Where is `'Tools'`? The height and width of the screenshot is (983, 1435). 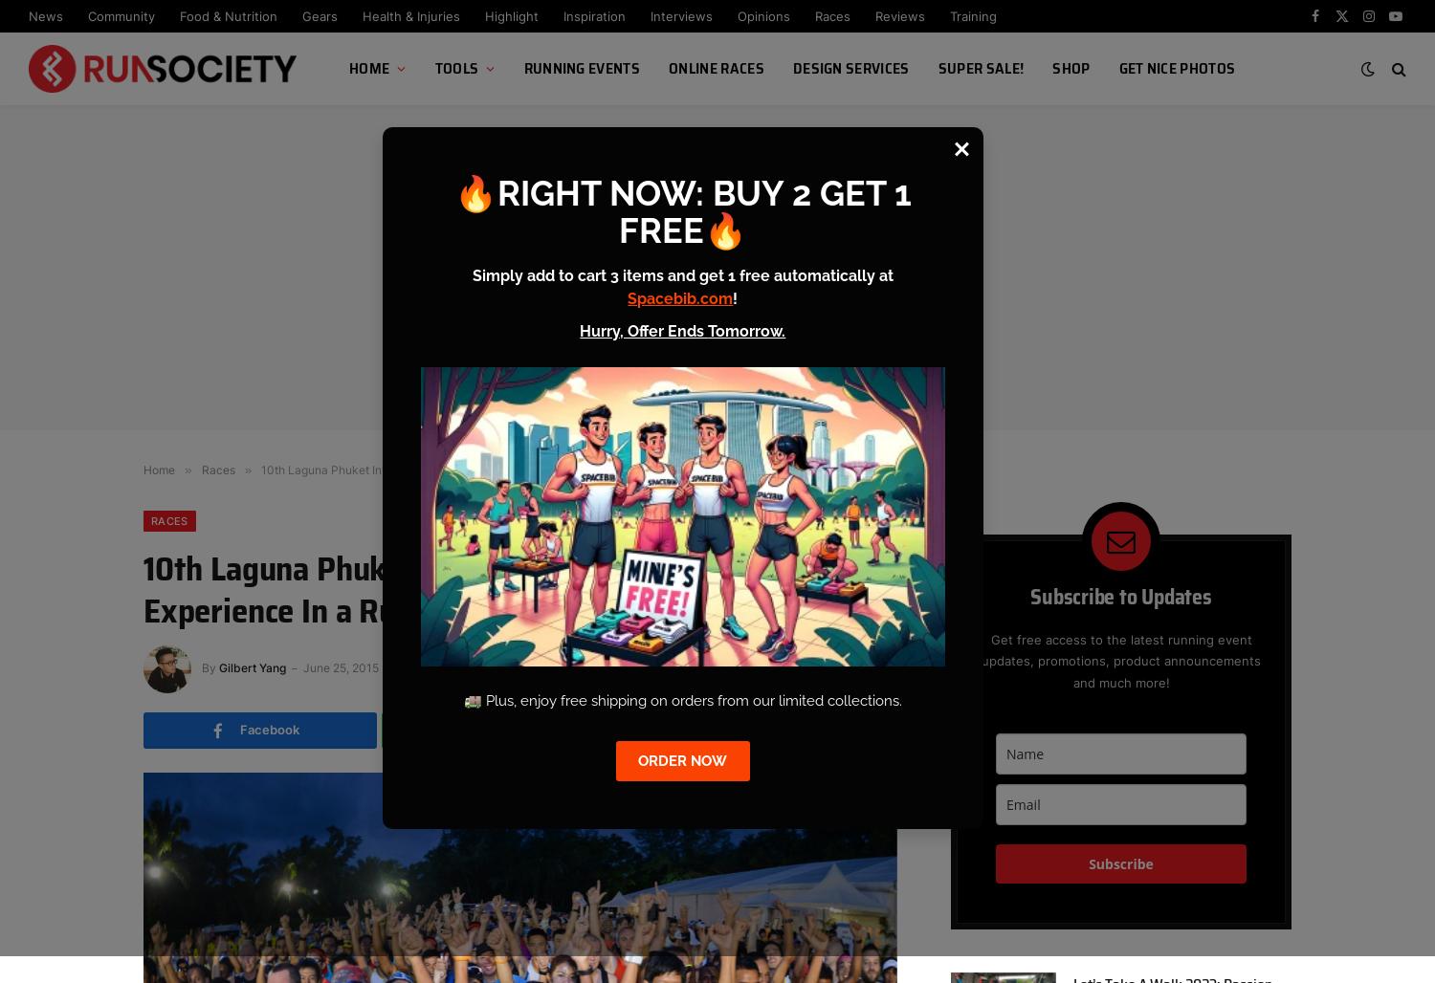
'Tools' is located at coordinates (455, 67).